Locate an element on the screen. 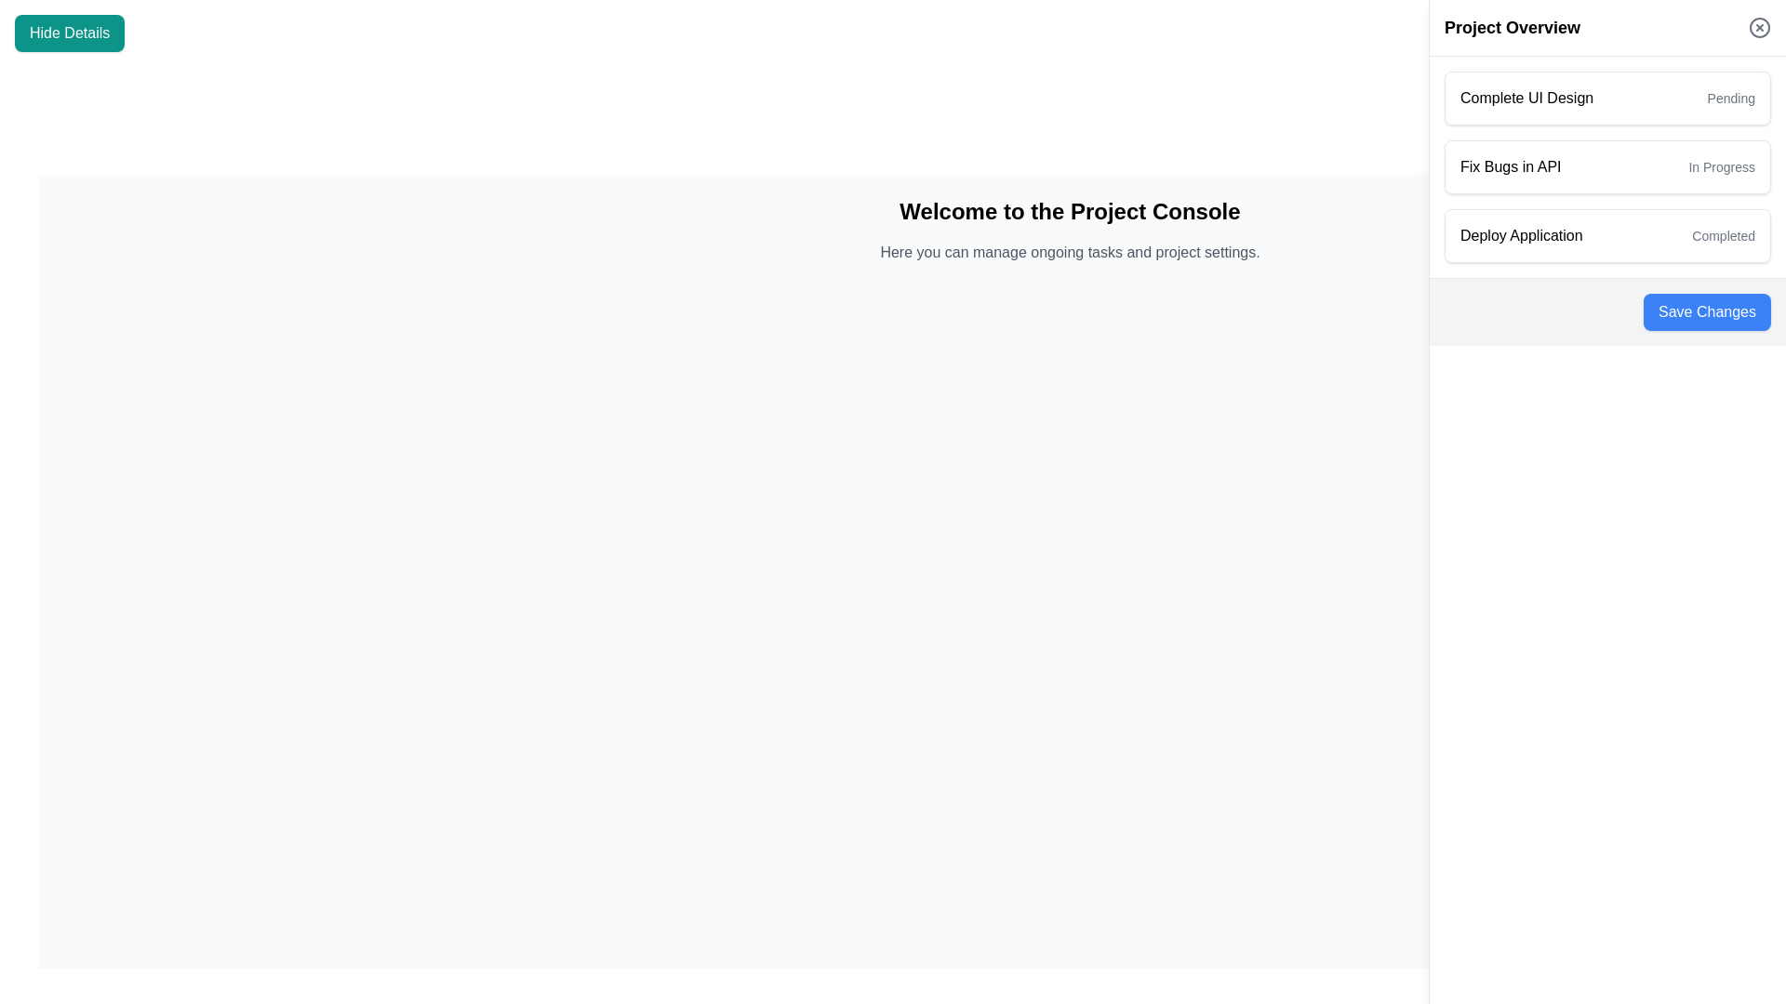 This screenshot has height=1004, width=1786. the teal-green button with rounded corners labeled 'Hide Details' is located at coordinates (70, 33).